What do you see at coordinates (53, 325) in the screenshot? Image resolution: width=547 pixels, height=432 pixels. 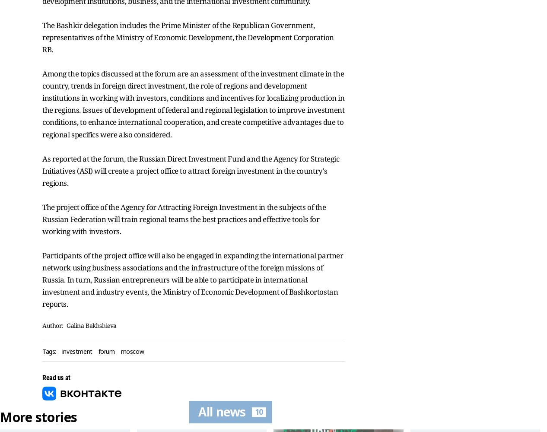 I see `'Author:'` at bounding box center [53, 325].